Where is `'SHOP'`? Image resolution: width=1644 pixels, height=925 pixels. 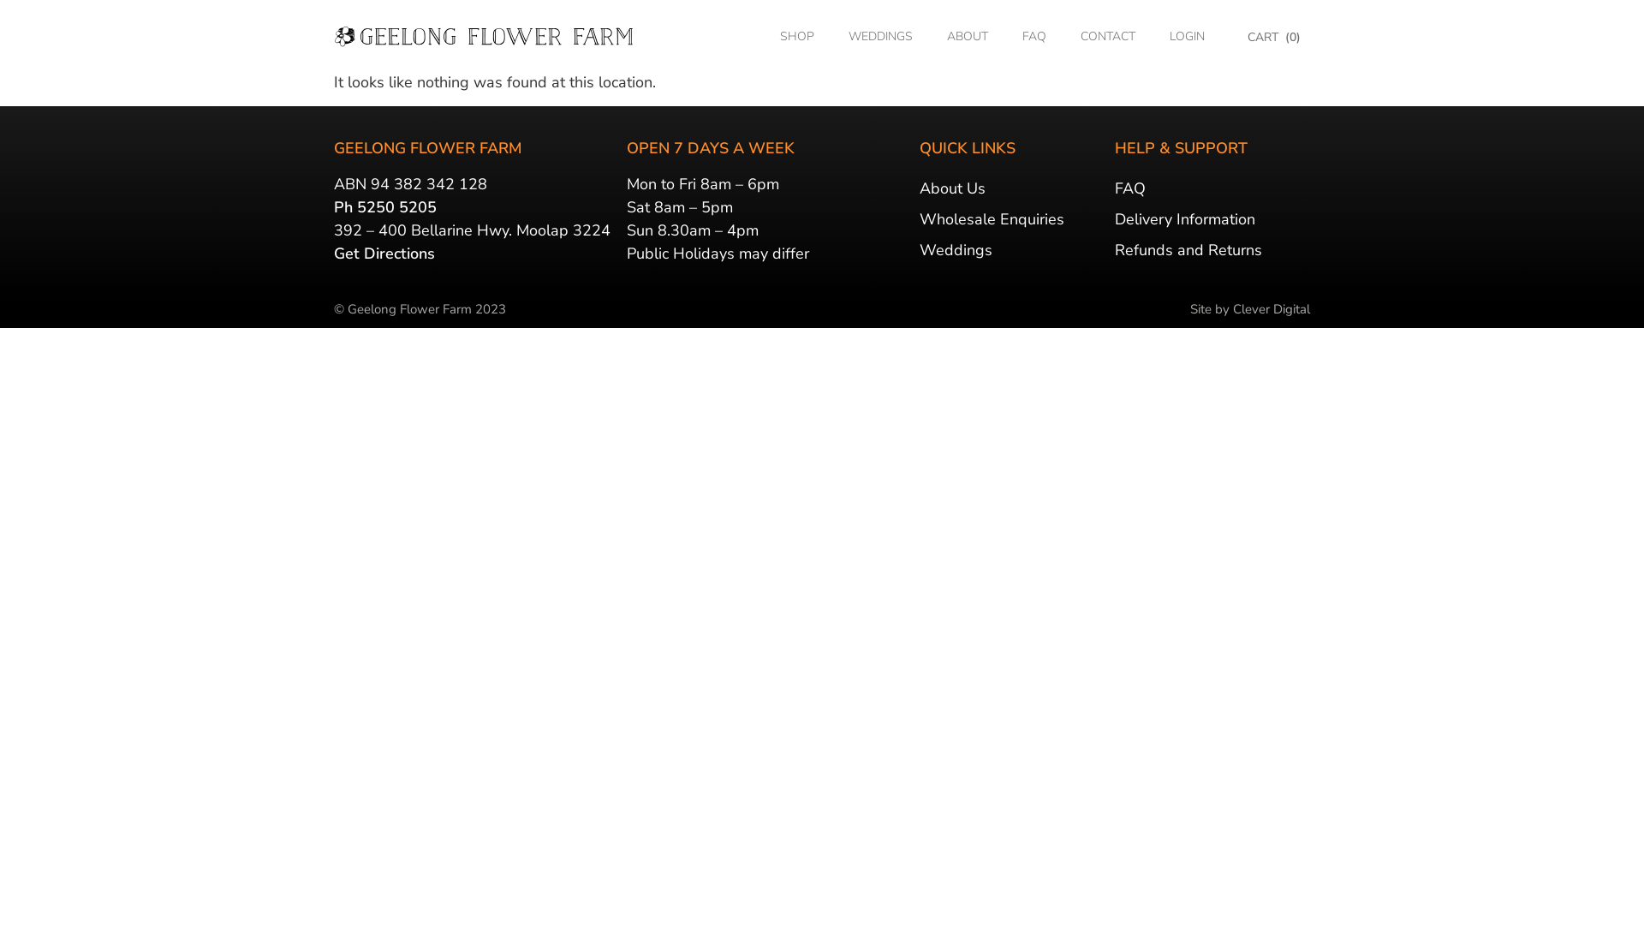 'SHOP' is located at coordinates (796, 36).